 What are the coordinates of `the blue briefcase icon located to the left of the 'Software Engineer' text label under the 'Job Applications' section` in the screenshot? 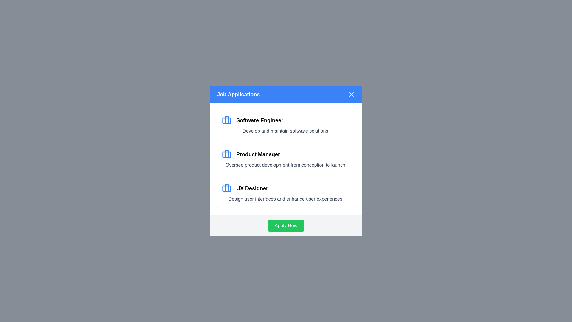 It's located at (226, 120).